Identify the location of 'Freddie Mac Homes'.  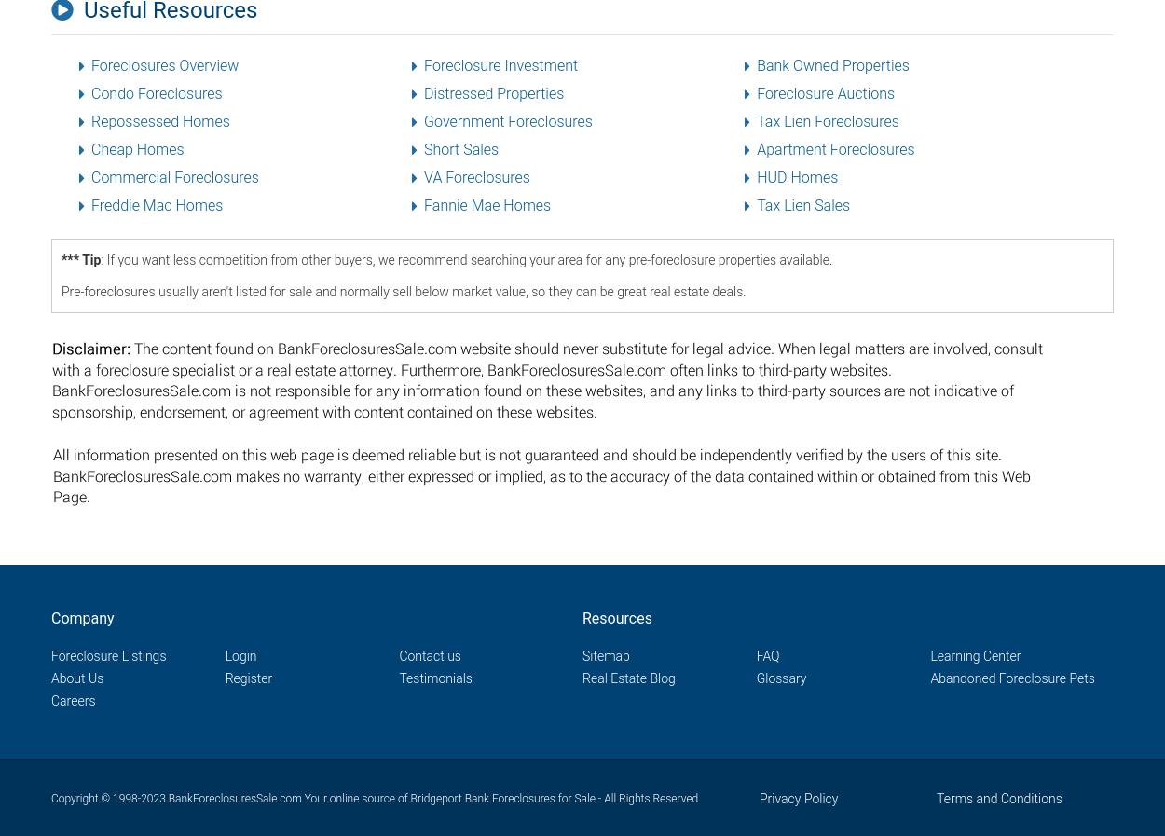
(157, 204).